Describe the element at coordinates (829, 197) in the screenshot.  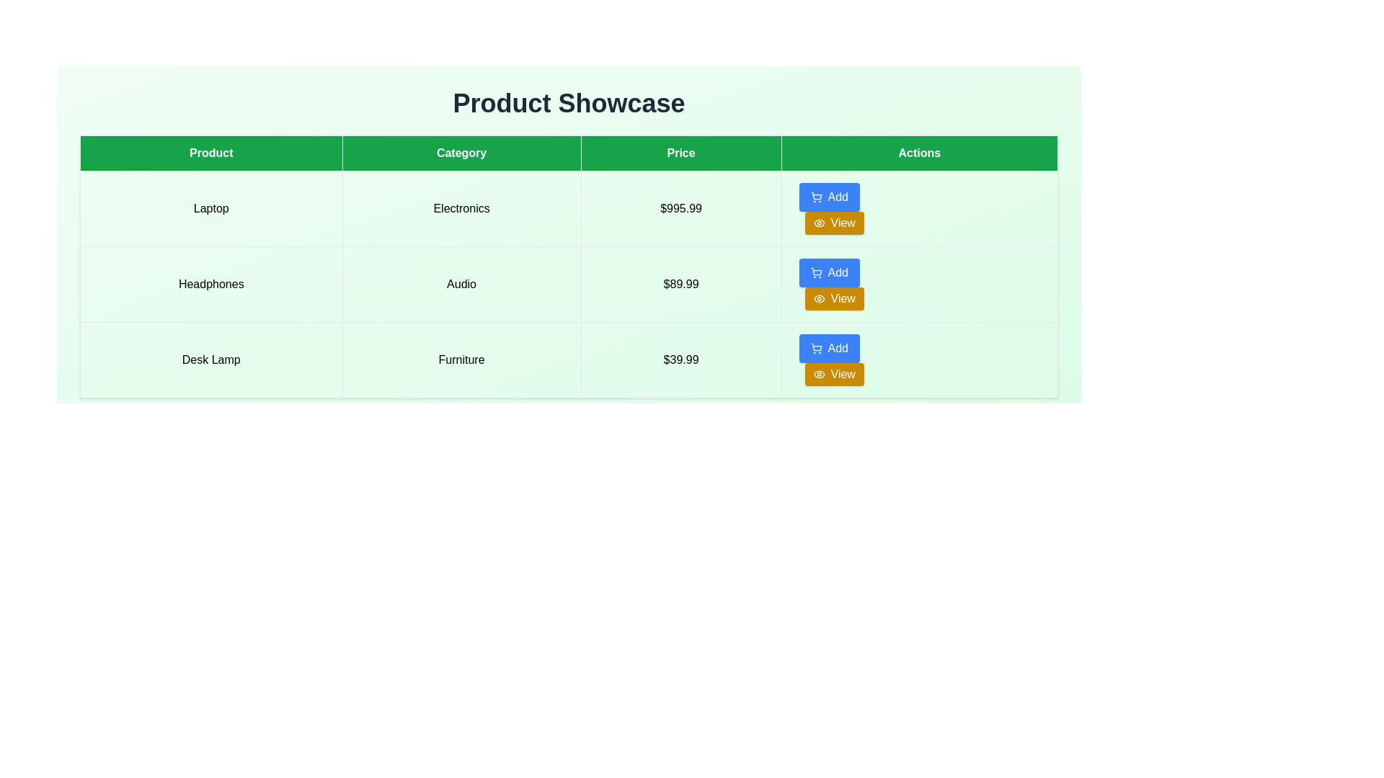
I see `the 'Add' button located in the 'Actions' column of the first row in the table` at that location.